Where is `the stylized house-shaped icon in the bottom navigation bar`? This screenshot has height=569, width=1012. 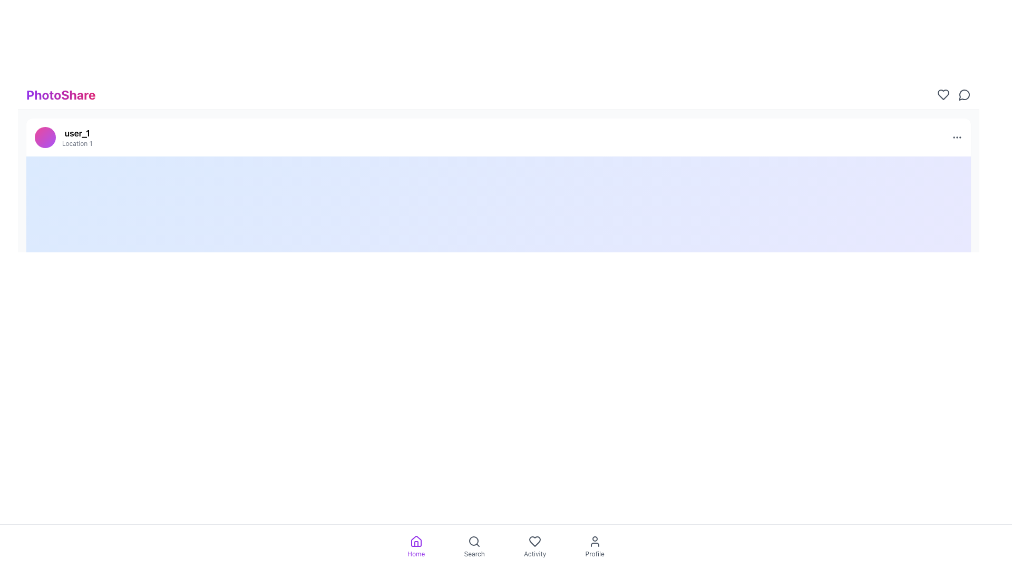
the stylized house-shaped icon in the bottom navigation bar is located at coordinates (415, 542).